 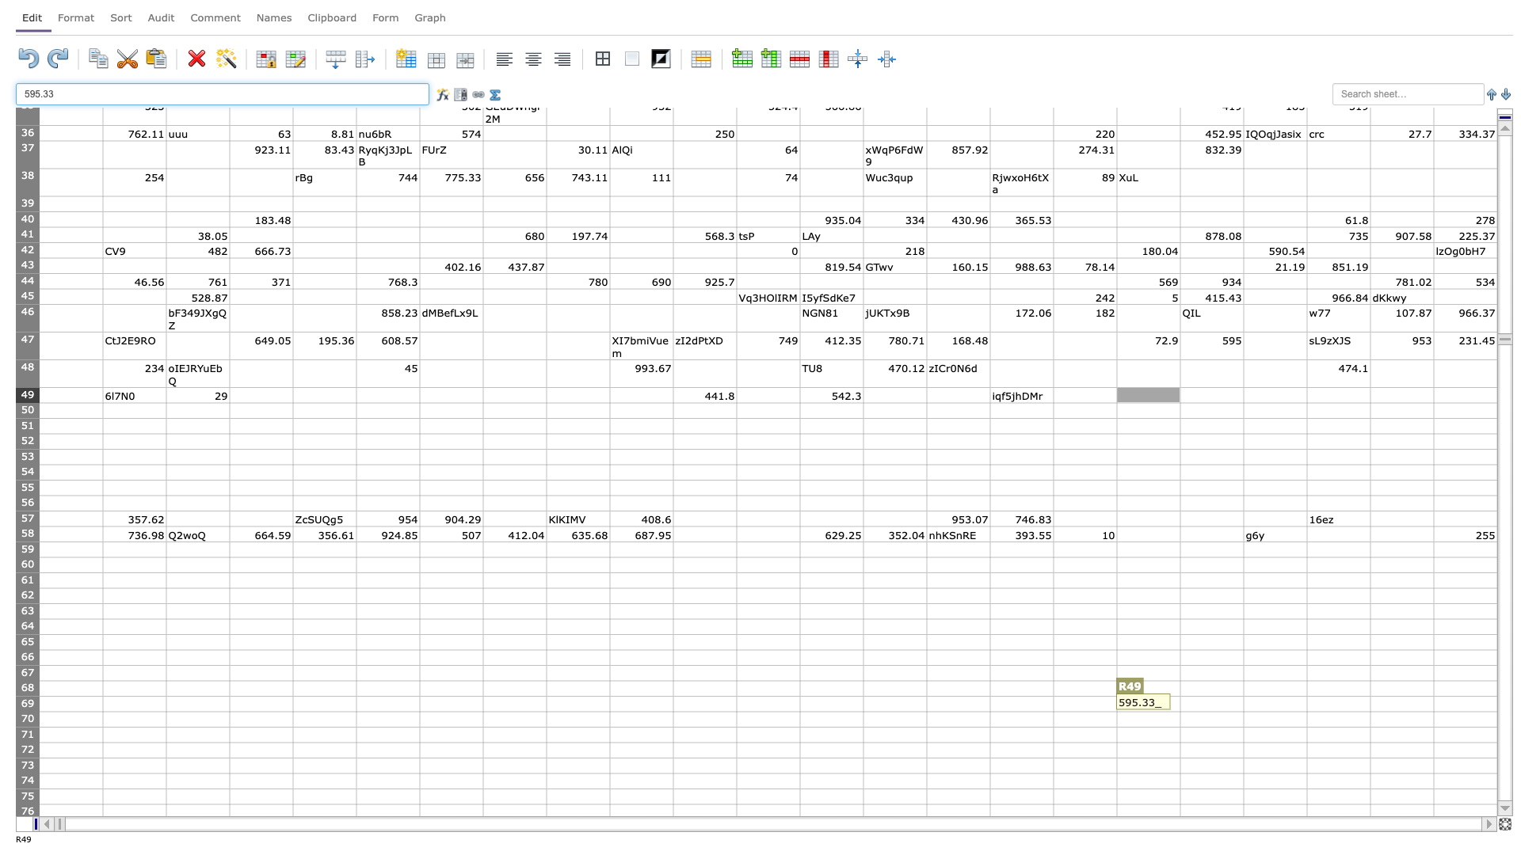 What do you see at coordinates (1433, 710) in the screenshot?
I see `Fill handle of cell V-69` at bounding box center [1433, 710].